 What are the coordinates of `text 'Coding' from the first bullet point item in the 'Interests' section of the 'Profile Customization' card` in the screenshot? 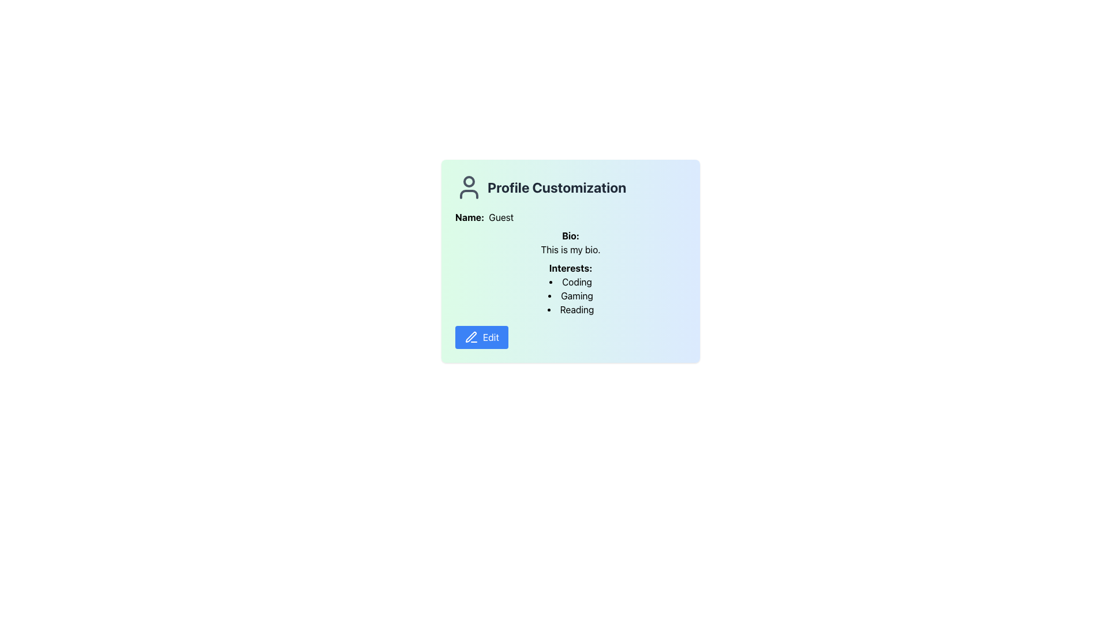 It's located at (570, 282).